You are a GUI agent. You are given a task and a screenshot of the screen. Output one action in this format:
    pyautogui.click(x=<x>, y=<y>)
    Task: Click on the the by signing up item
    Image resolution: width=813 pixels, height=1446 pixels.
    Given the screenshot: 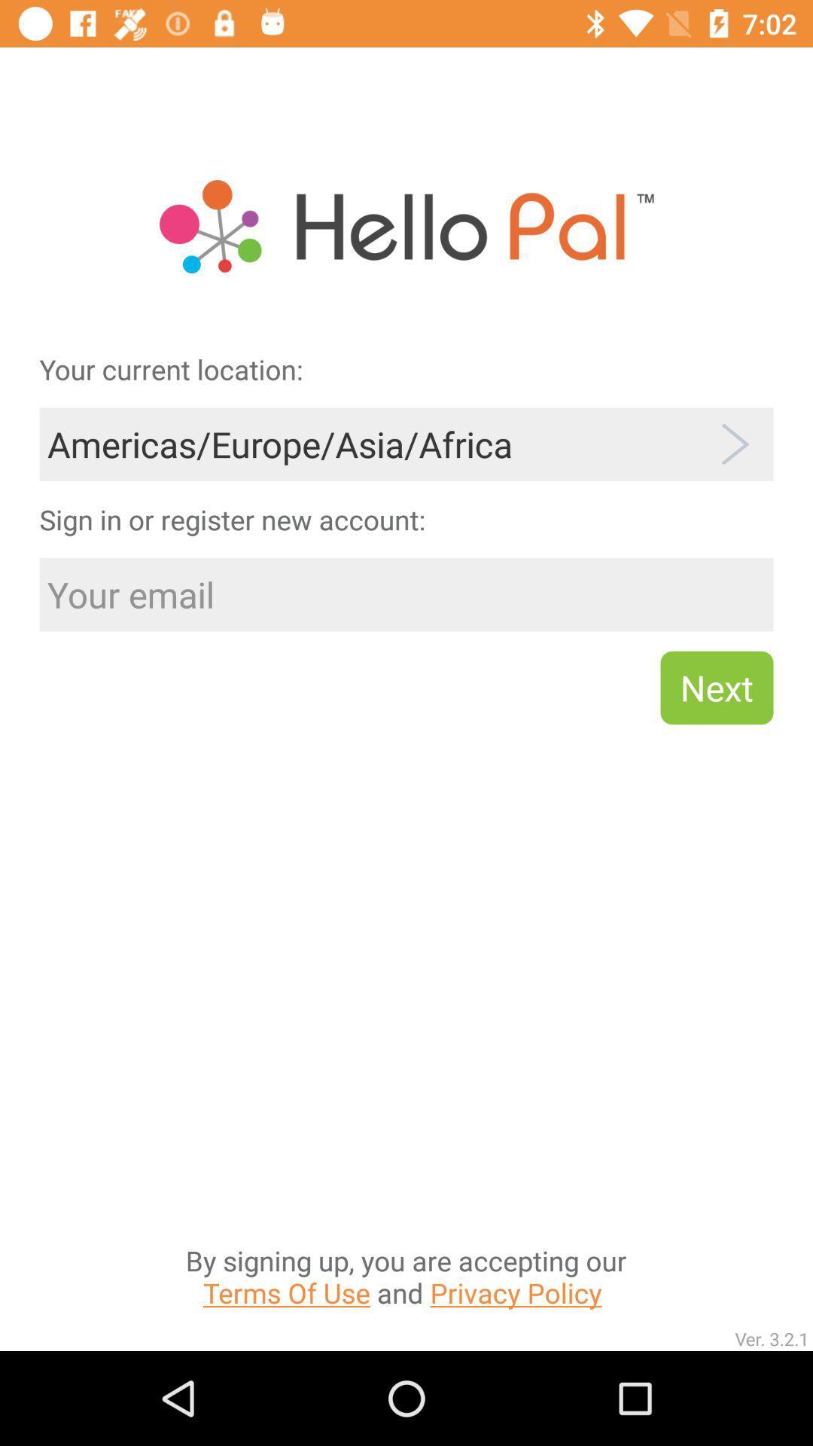 What is the action you would take?
    pyautogui.click(x=405, y=1125)
    